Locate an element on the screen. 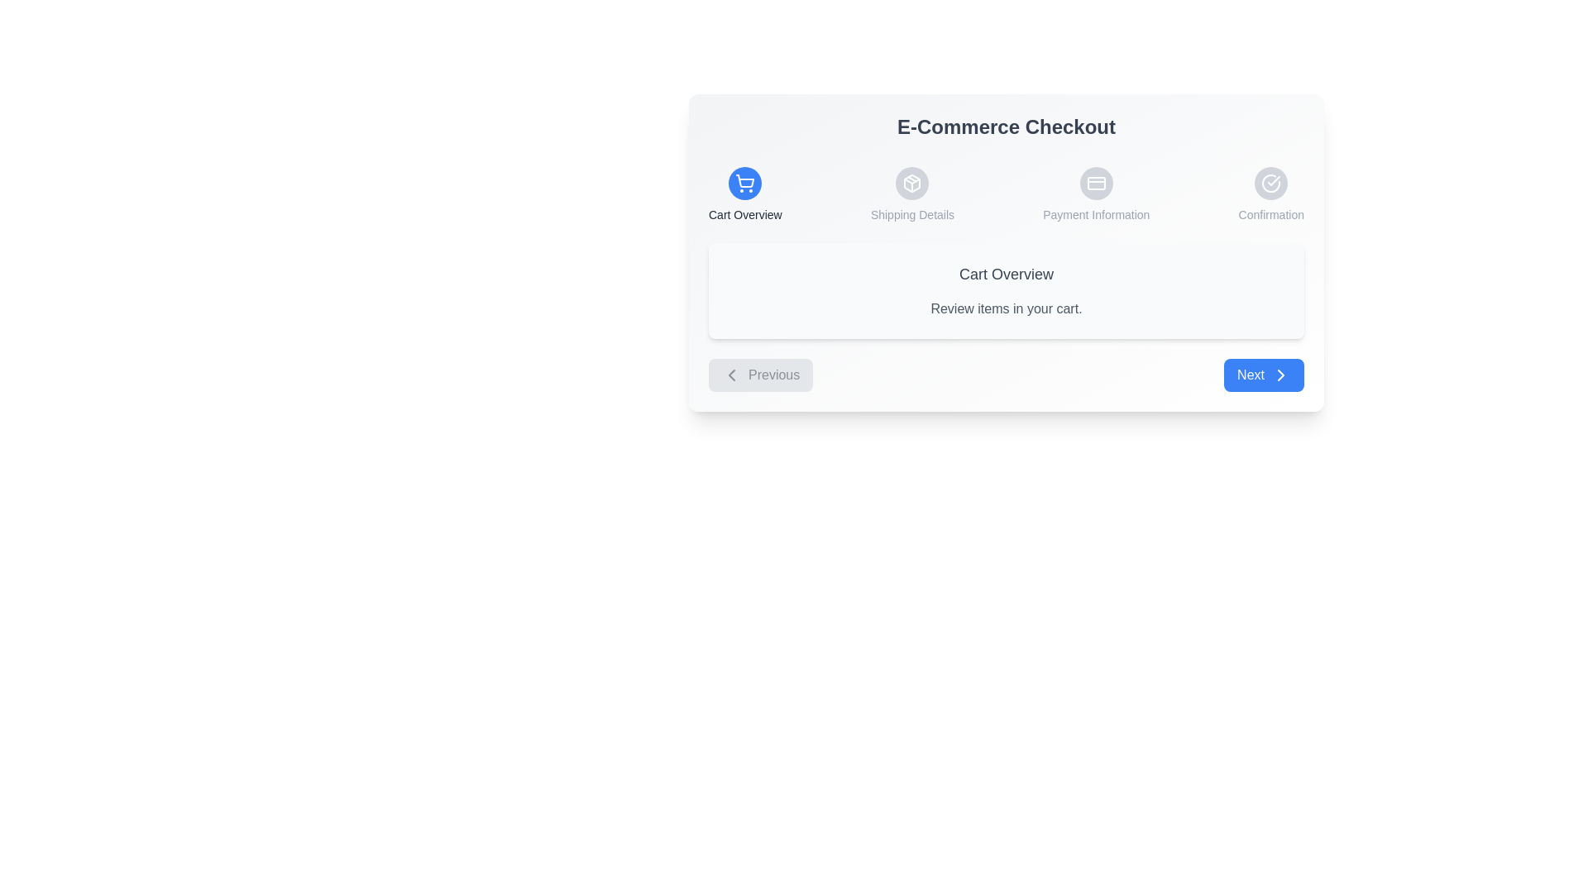 The image size is (1588, 893). the shopping cart icon, which is a minimalistic line art representation enclosed in a circular blue background, located in the 'Cart Overview' section of the e-commerce checkout navigation is located at coordinates (744, 184).